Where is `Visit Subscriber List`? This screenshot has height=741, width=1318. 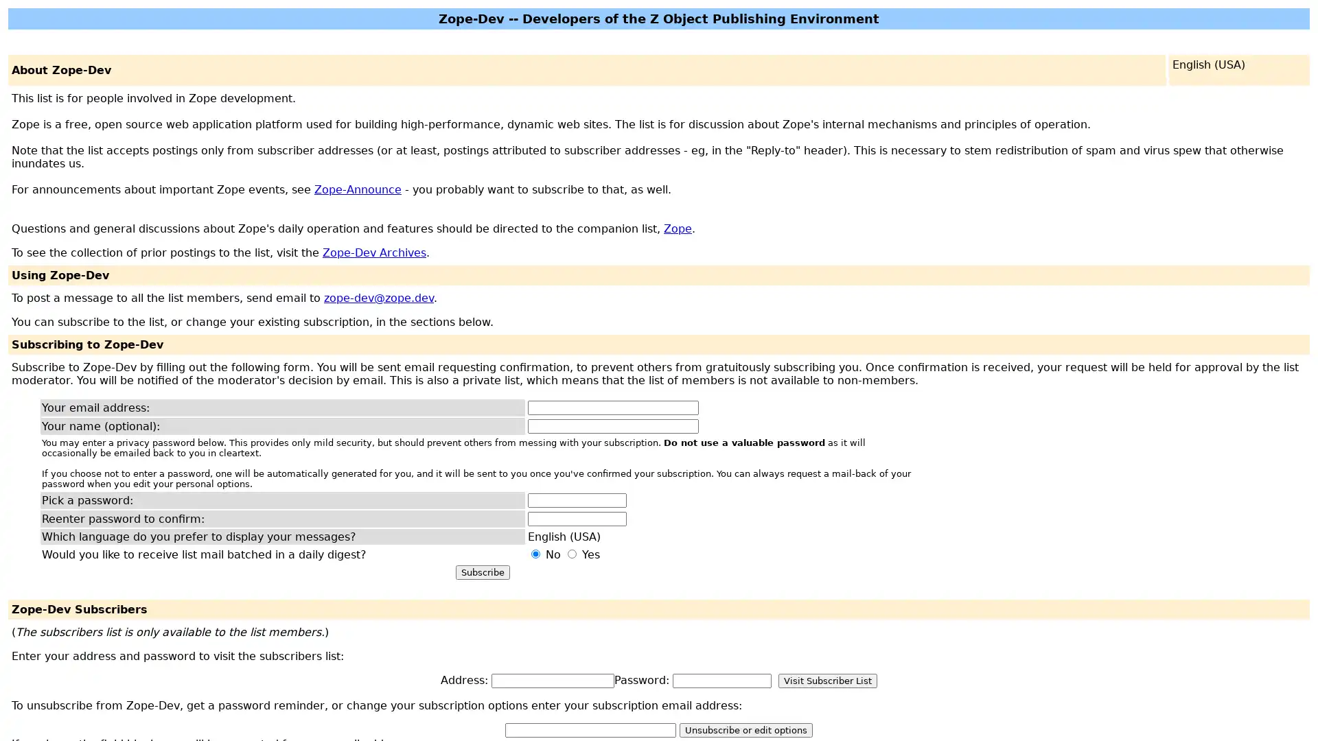 Visit Subscriber List is located at coordinates (826, 681).